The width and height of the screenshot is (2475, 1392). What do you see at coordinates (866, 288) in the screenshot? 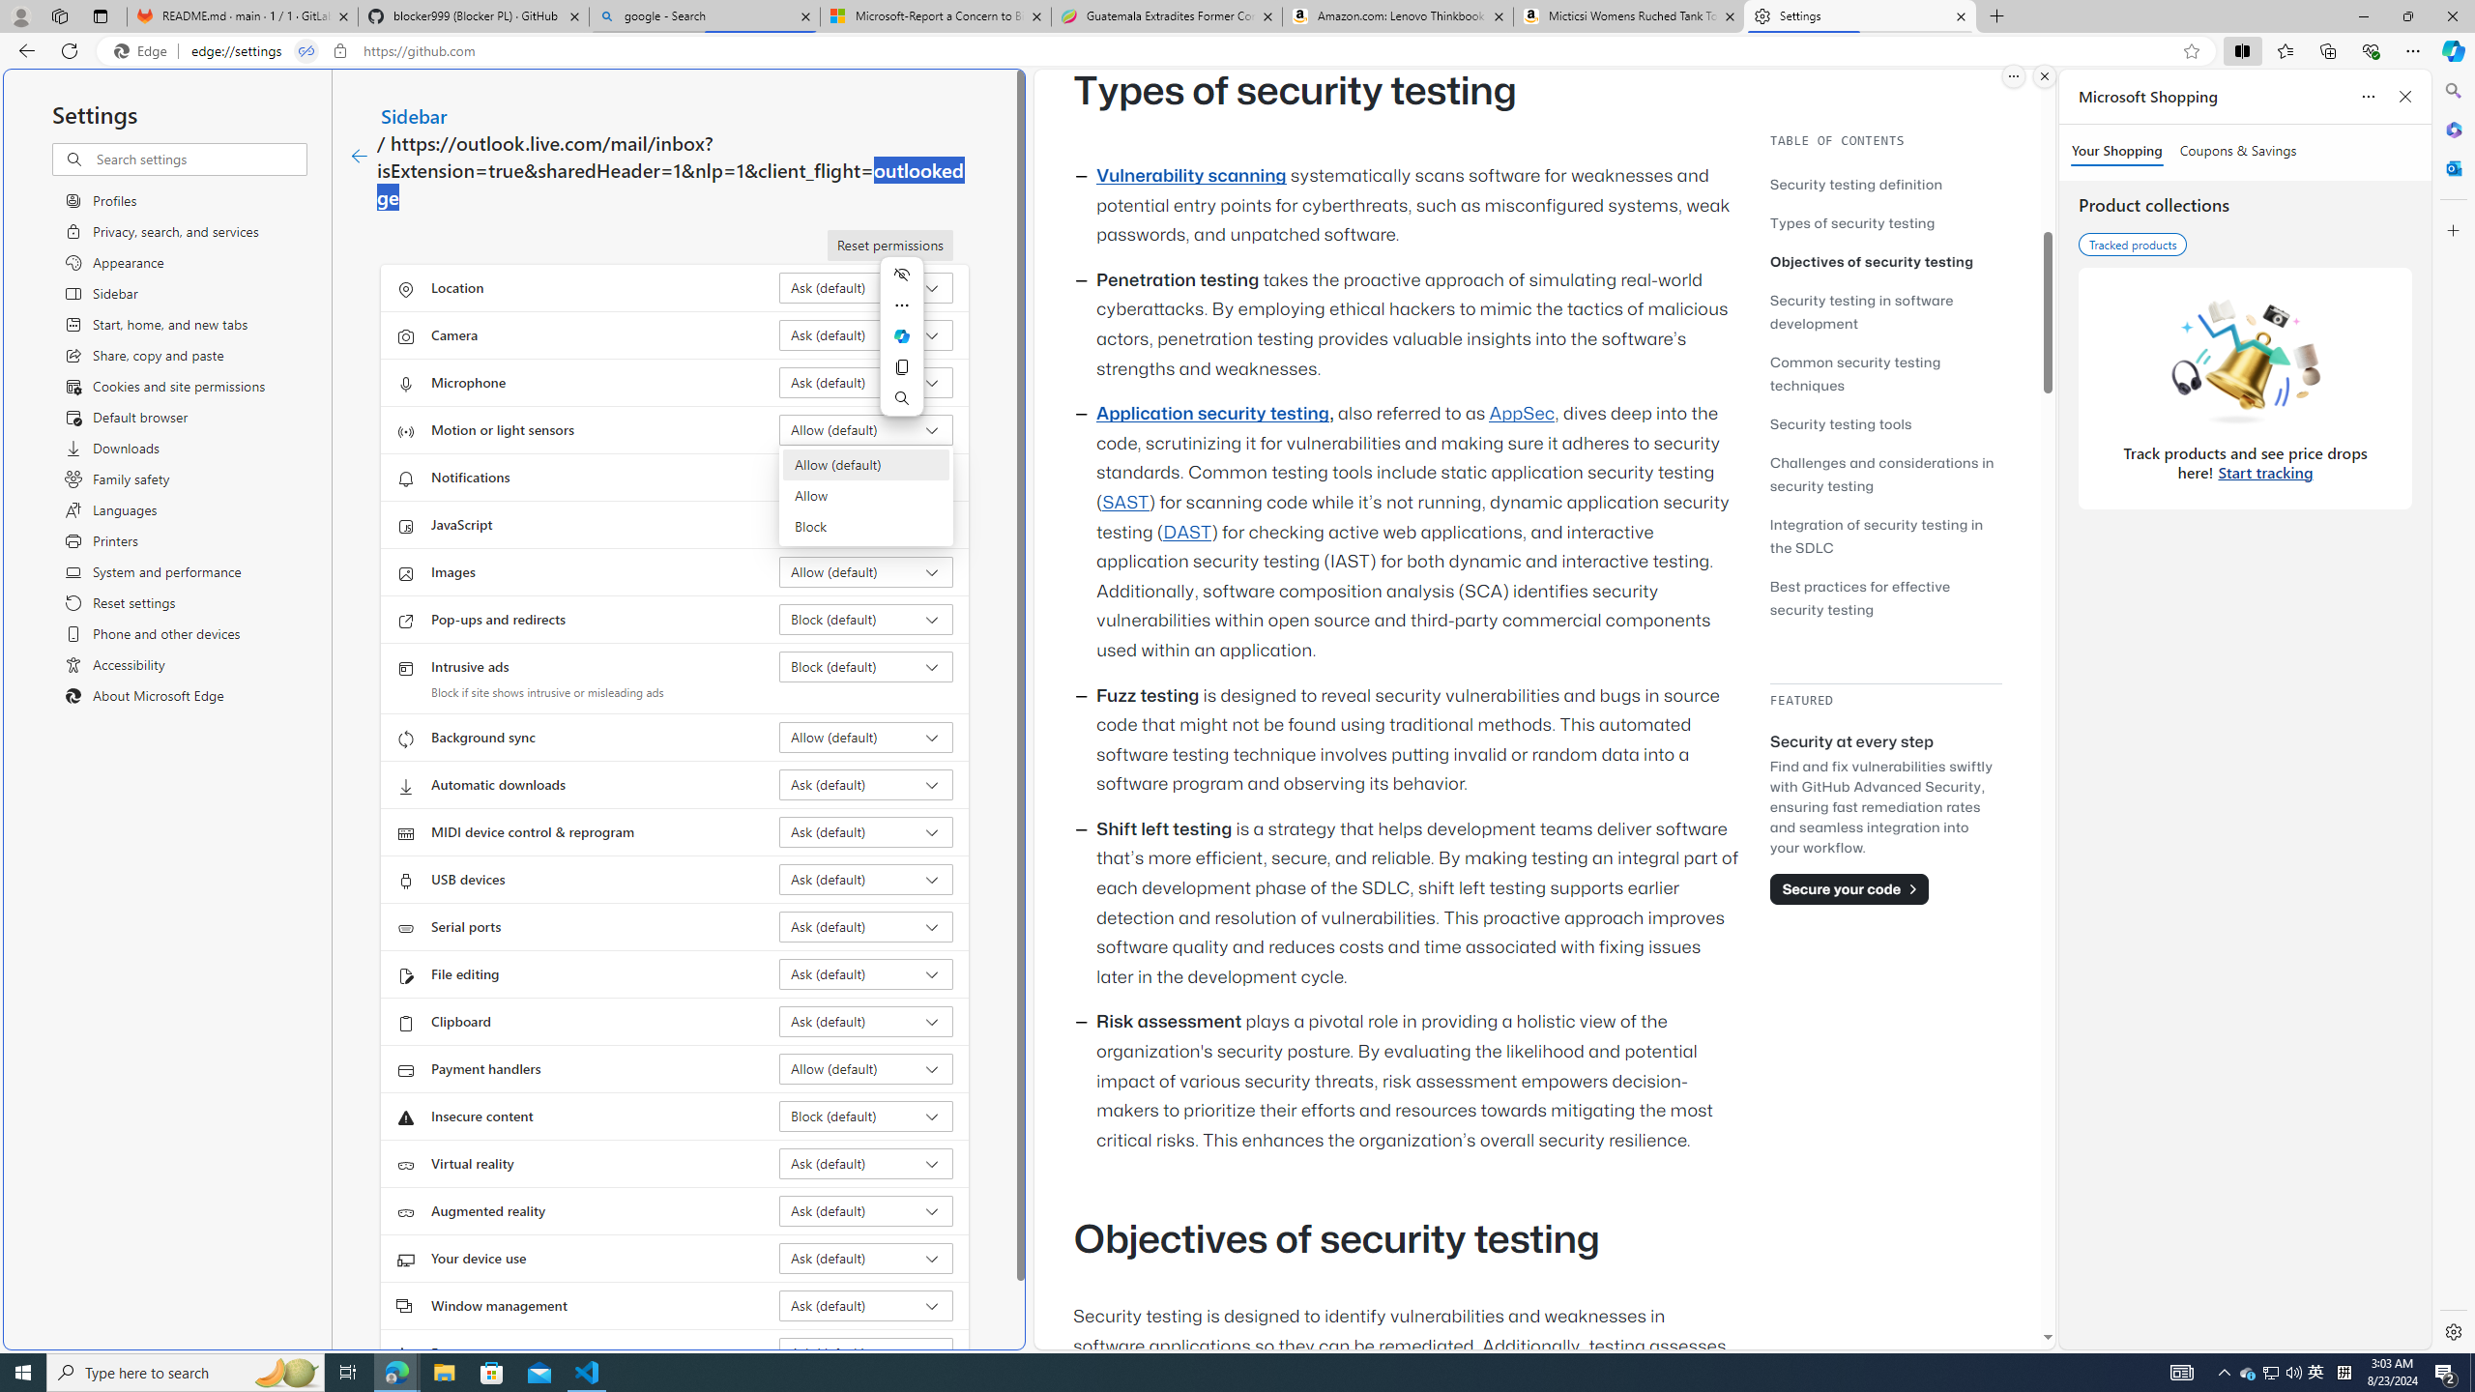
I see `'Location Ask (default)'` at bounding box center [866, 288].